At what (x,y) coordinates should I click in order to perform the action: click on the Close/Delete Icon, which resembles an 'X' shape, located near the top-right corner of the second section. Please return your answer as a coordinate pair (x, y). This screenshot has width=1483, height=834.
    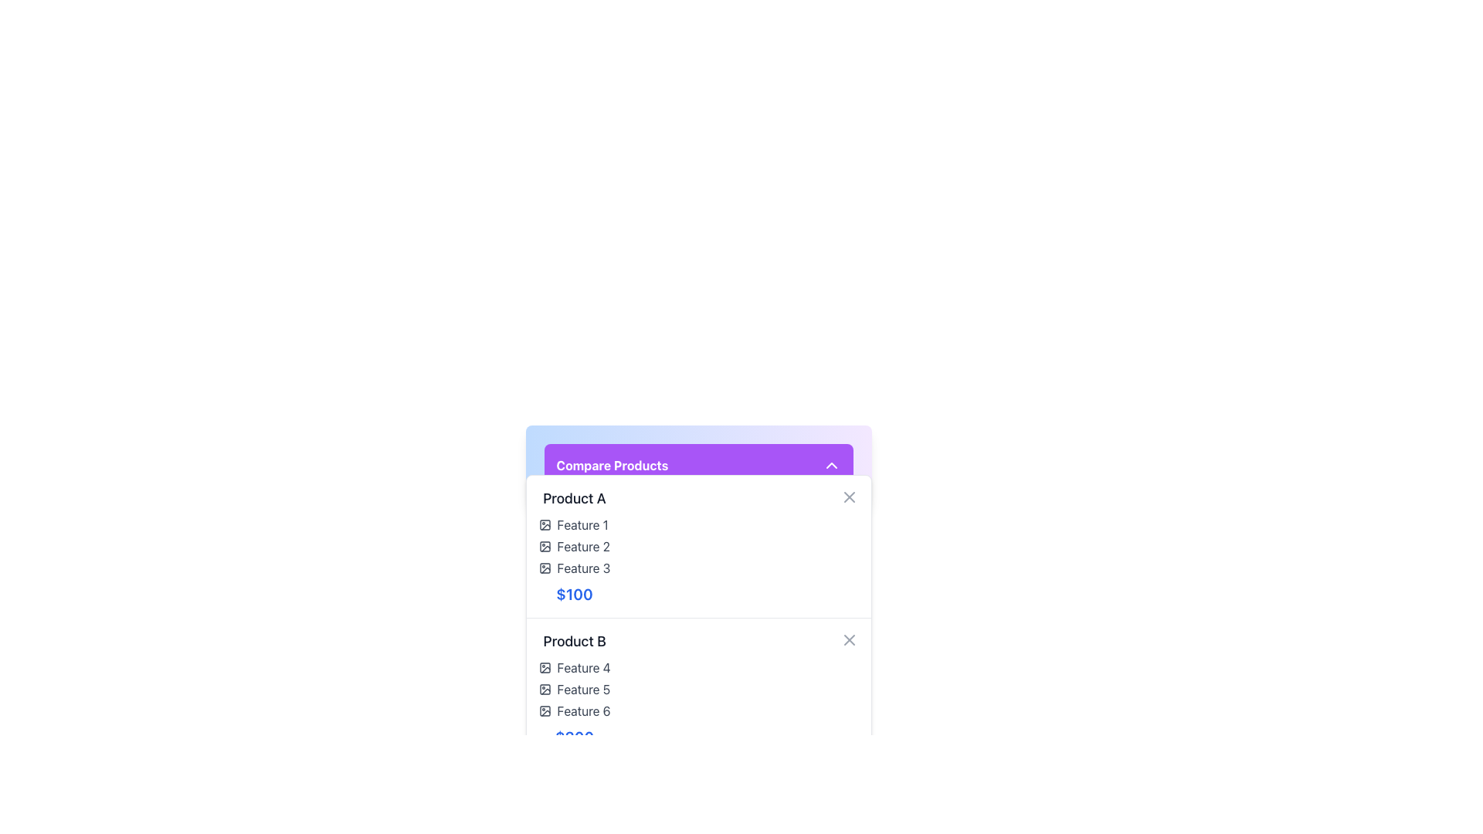
    Looking at the image, I should click on (848, 640).